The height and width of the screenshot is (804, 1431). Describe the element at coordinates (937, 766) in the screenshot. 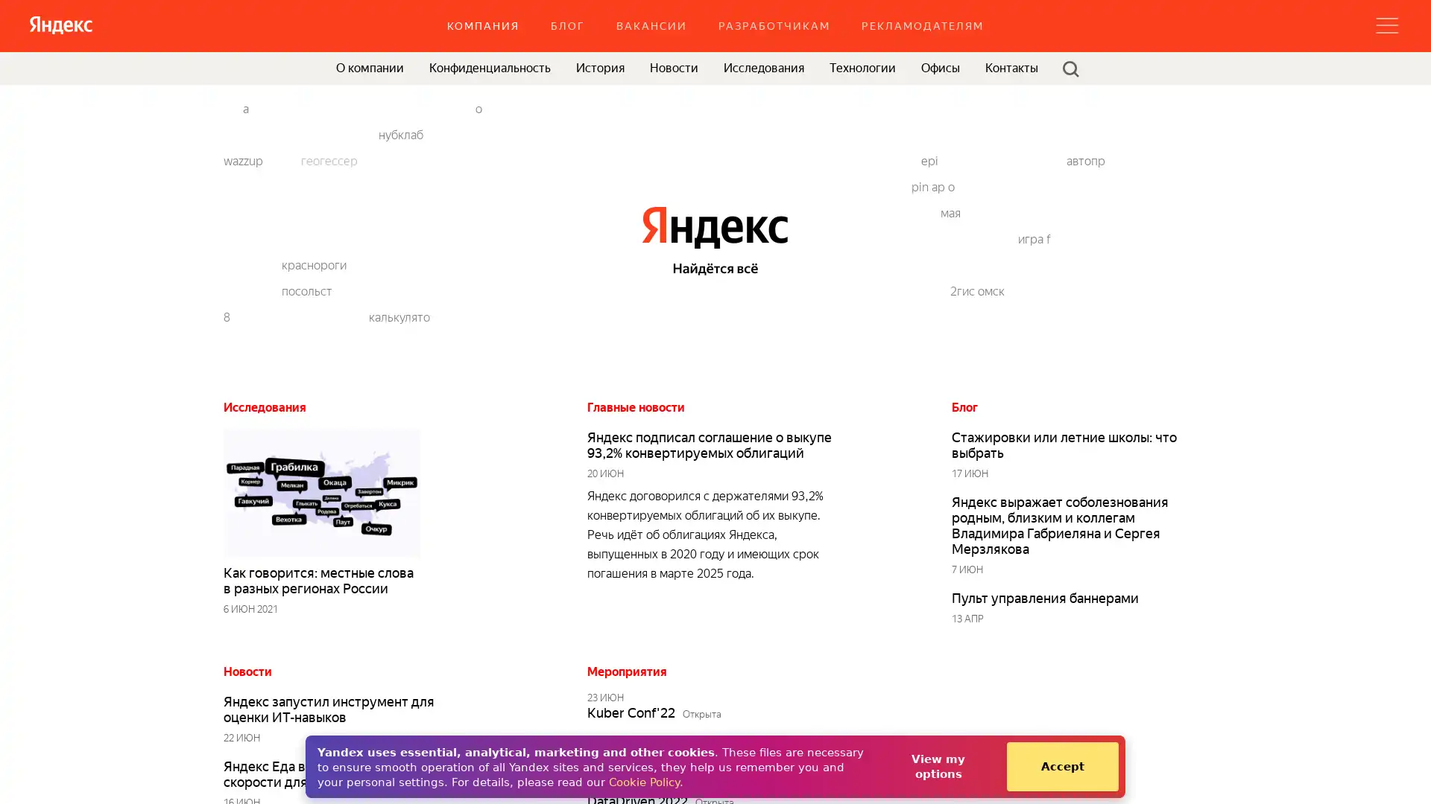

I see `View my options` at that location.